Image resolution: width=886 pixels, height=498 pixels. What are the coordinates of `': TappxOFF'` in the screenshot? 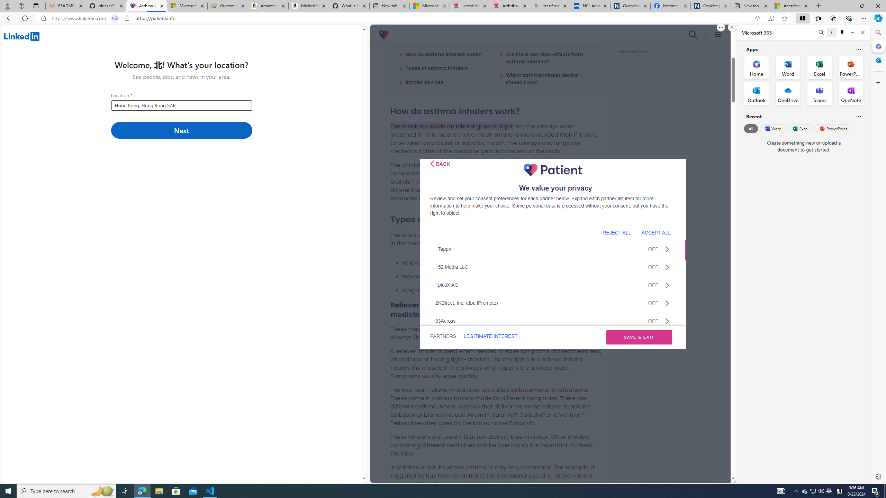 It's located at (552, 249).